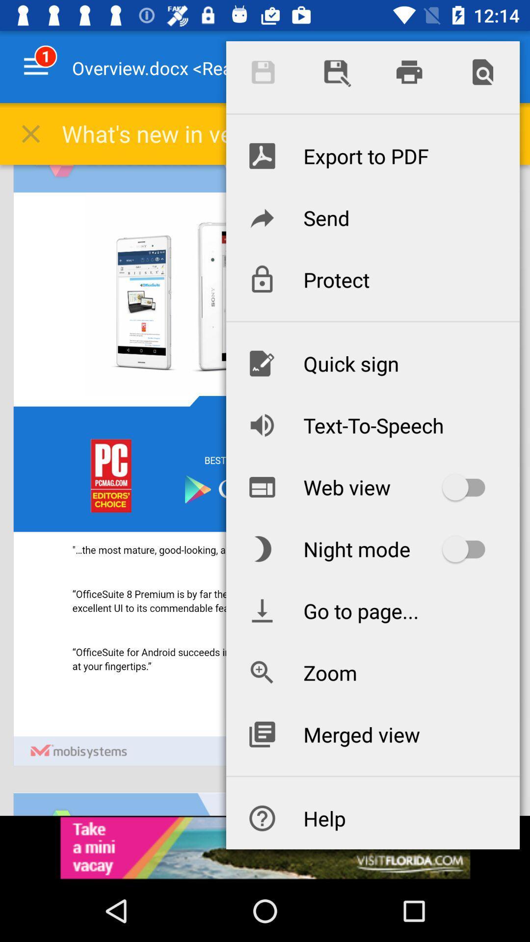 Image resolution: width=530 pixels, height=942 pixels. I want to click on the zoom item, so click(372, 672).